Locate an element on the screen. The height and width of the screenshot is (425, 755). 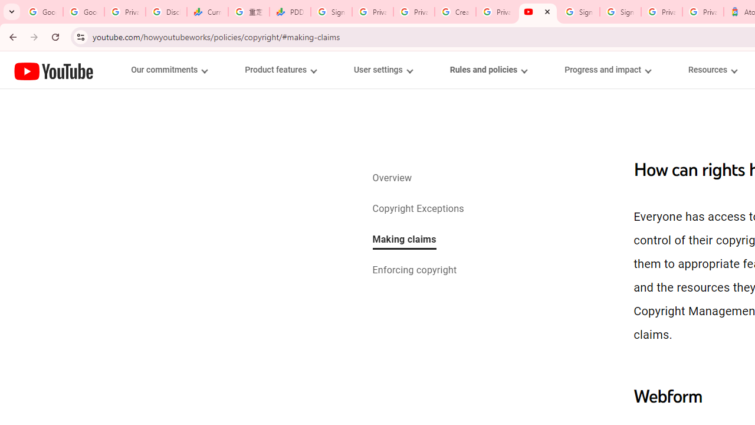
'Progress and impact menupopup' is located at coordinates (608, 70).